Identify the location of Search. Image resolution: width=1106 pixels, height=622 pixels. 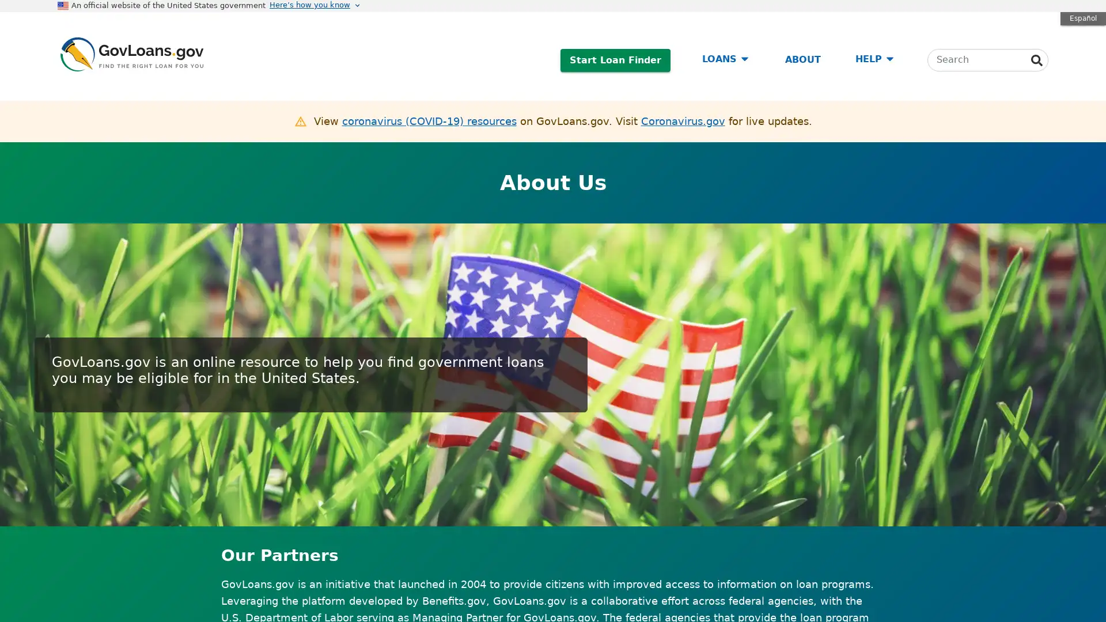
(1037, 60).